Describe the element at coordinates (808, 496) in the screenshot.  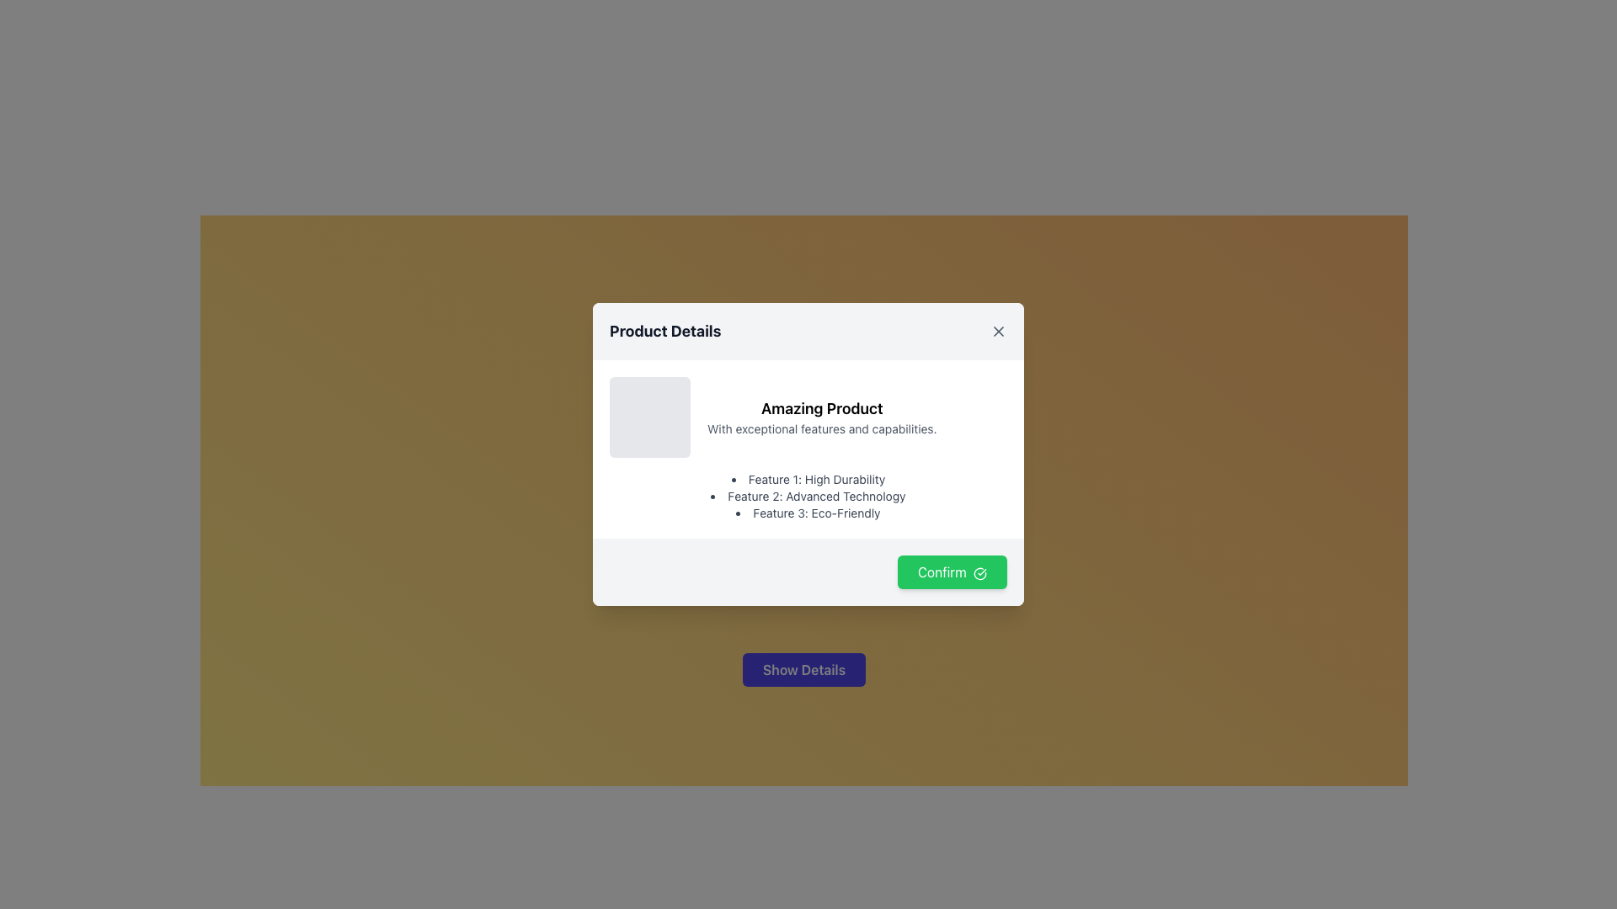
I see `the text element displaying 'Feature 2: Advanced Technology', which is the second item in a vertically arranged list of features in a modal window` at that location.